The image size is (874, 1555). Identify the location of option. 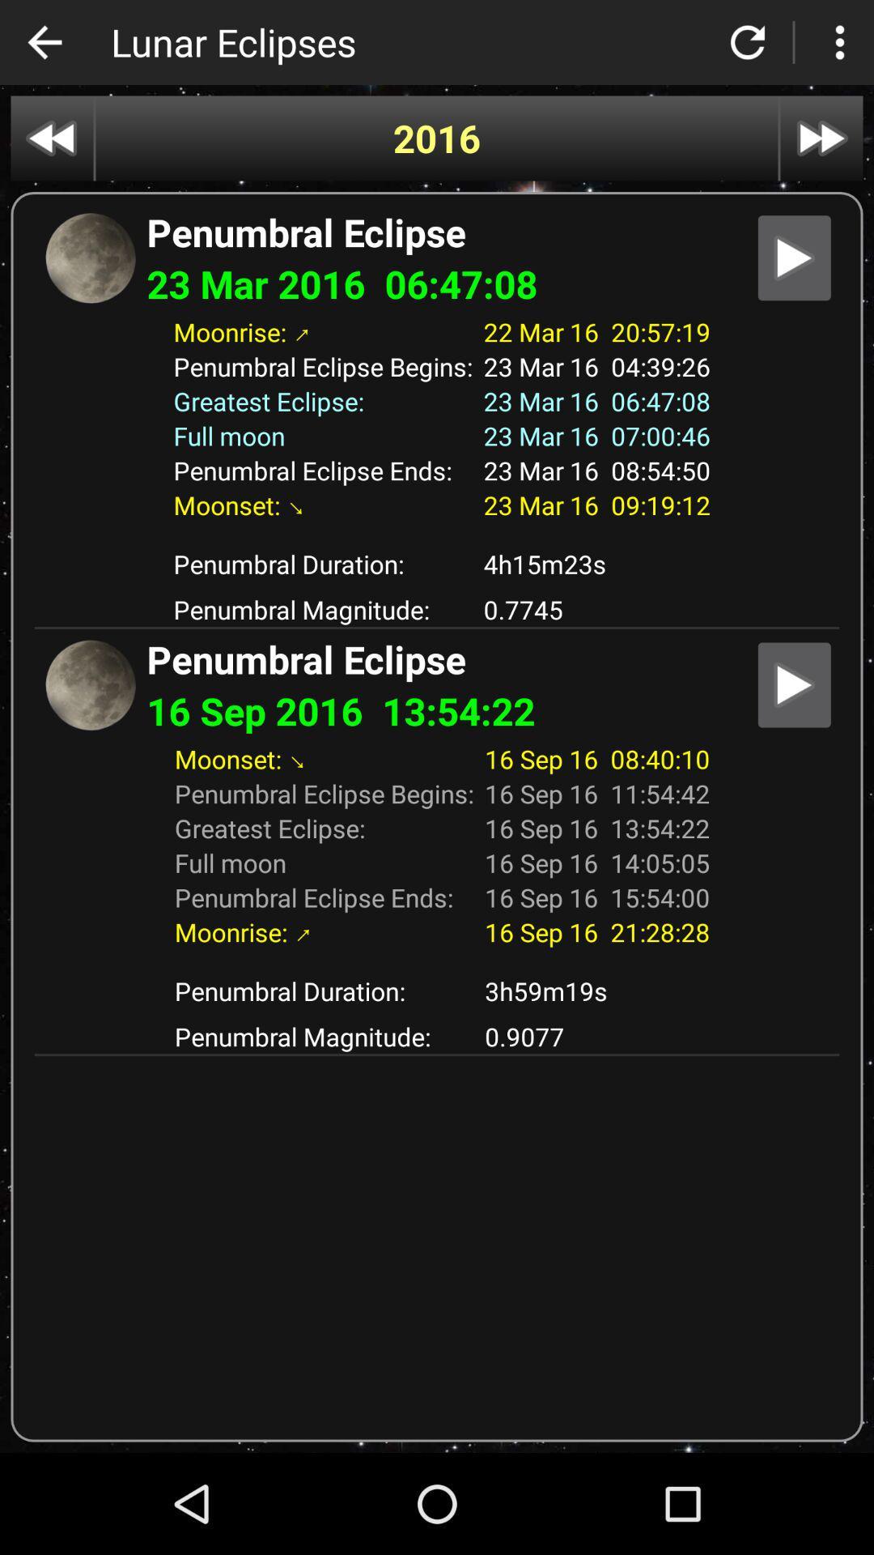
(793, 684).